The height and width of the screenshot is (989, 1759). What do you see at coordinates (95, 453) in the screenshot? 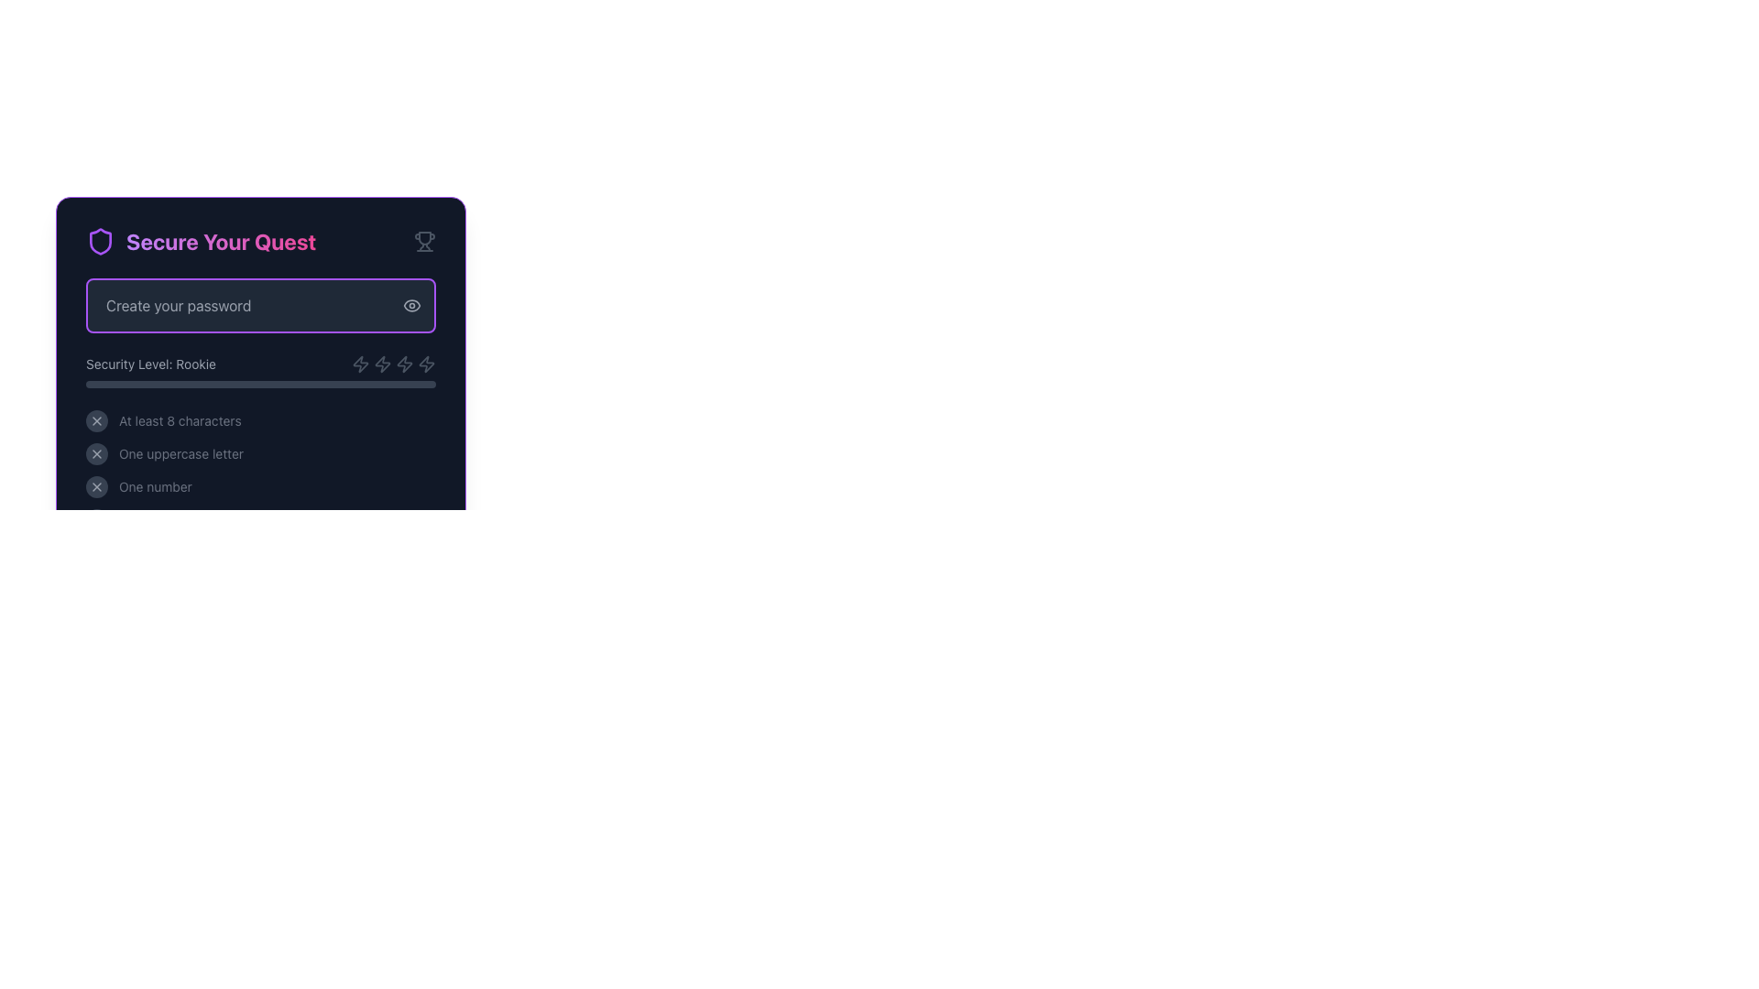
I see `the icon that indicates the unmet status of the password requirement for at least one uppercase letter, located second in a vertical list of password requirement indicators` at bounding box center [95, 453].